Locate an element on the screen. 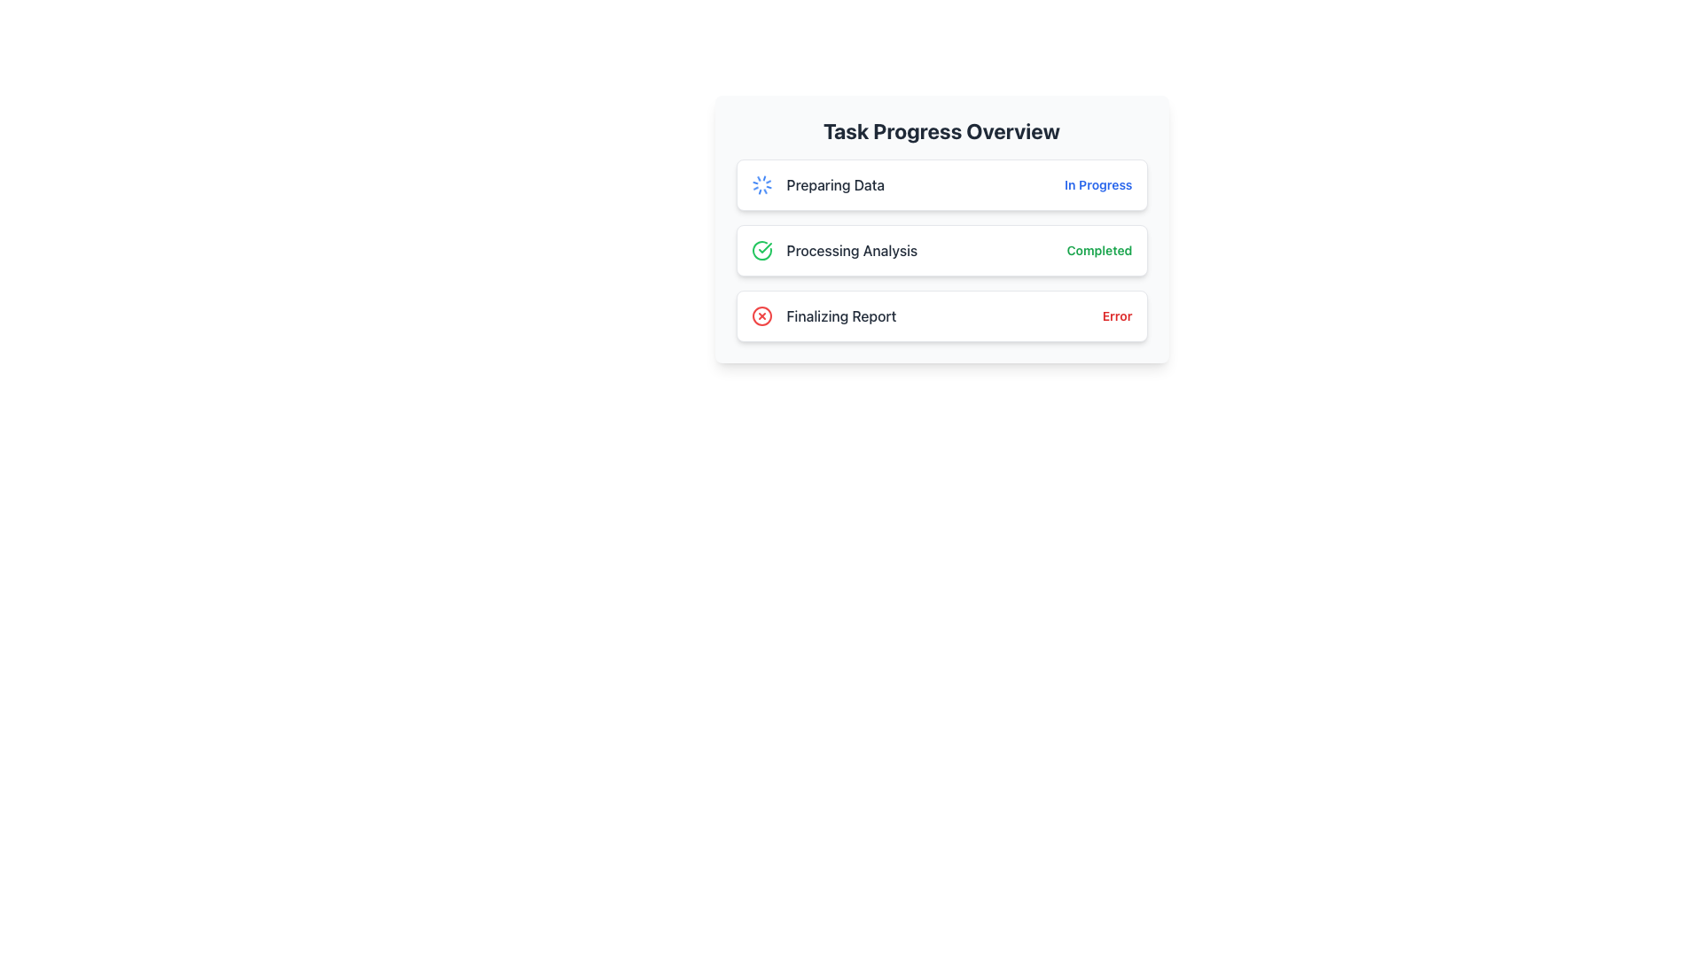  status and details of the progress item labeled 'Processing Analysis', which is the second item in the task status list is located at coordinates (941, 250).